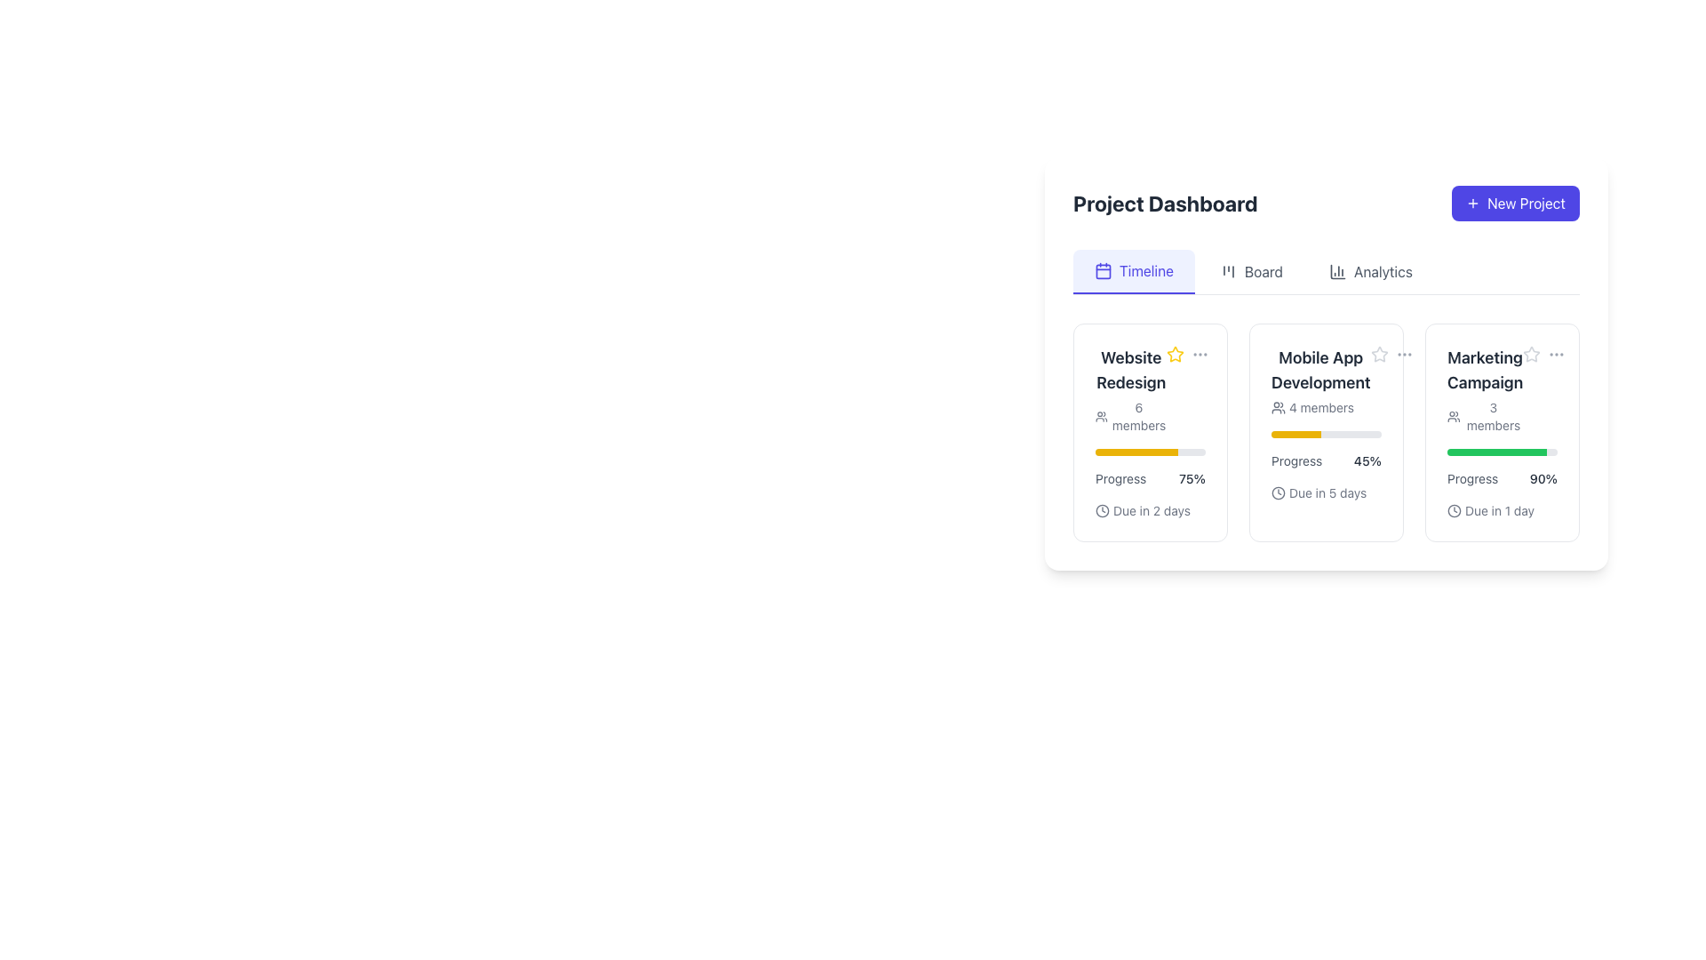  Describe the element at coordinates (1296, 460) in the screenshot. I see `the 'Progress' text label styled in gray, located within the 'Mobile App Development' card of the Project Dashboard, aligned with the '45%' label` at that location.